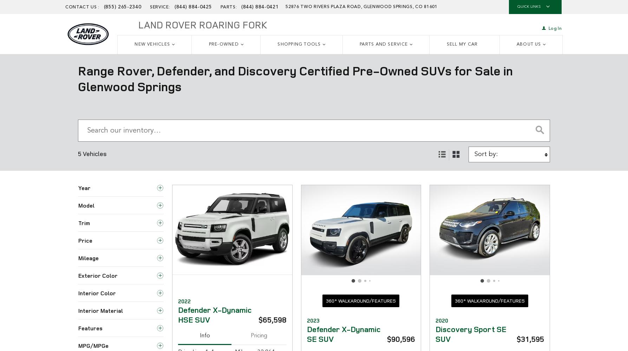  Describe the element at coordinates (312, 320) in the screenshot. I see `'2023'` at that location.